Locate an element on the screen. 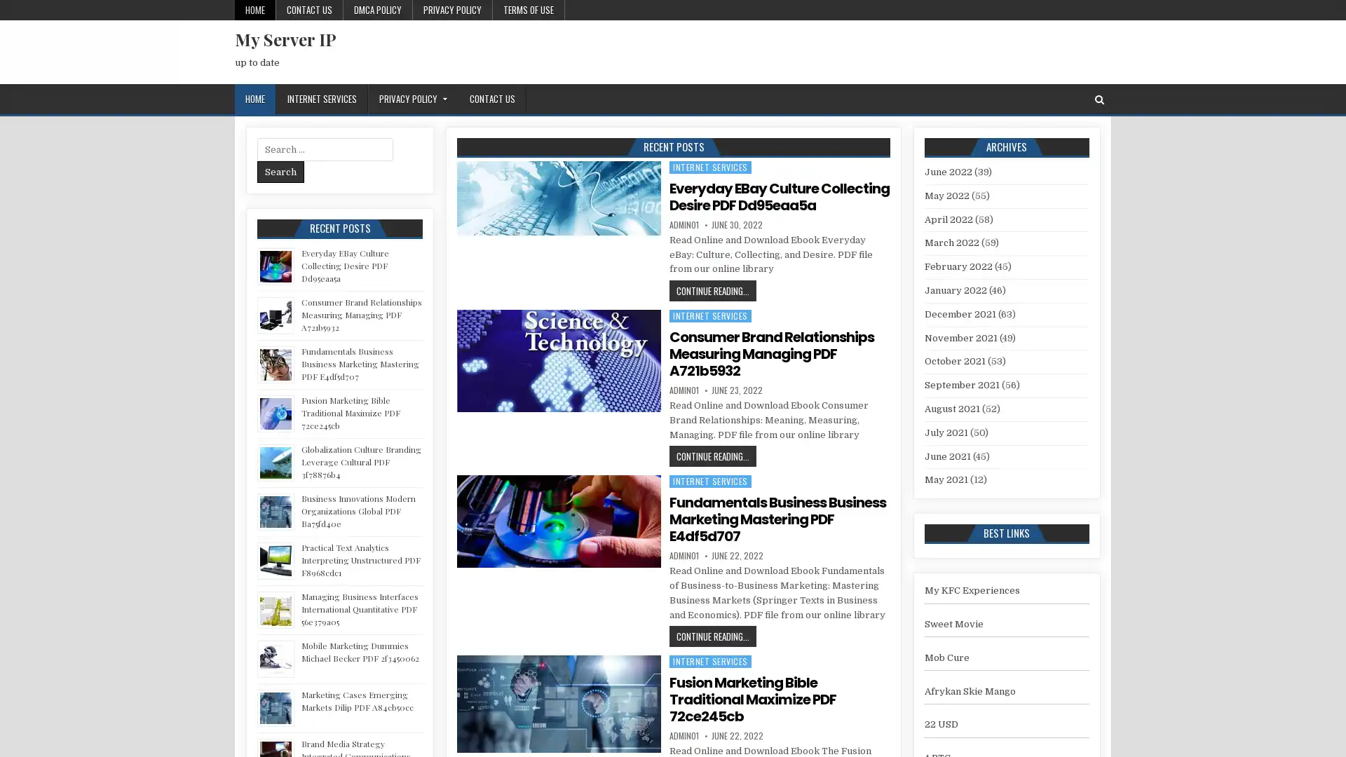 The image size is (1346, 757). Search is located at coordinates (280, 171).